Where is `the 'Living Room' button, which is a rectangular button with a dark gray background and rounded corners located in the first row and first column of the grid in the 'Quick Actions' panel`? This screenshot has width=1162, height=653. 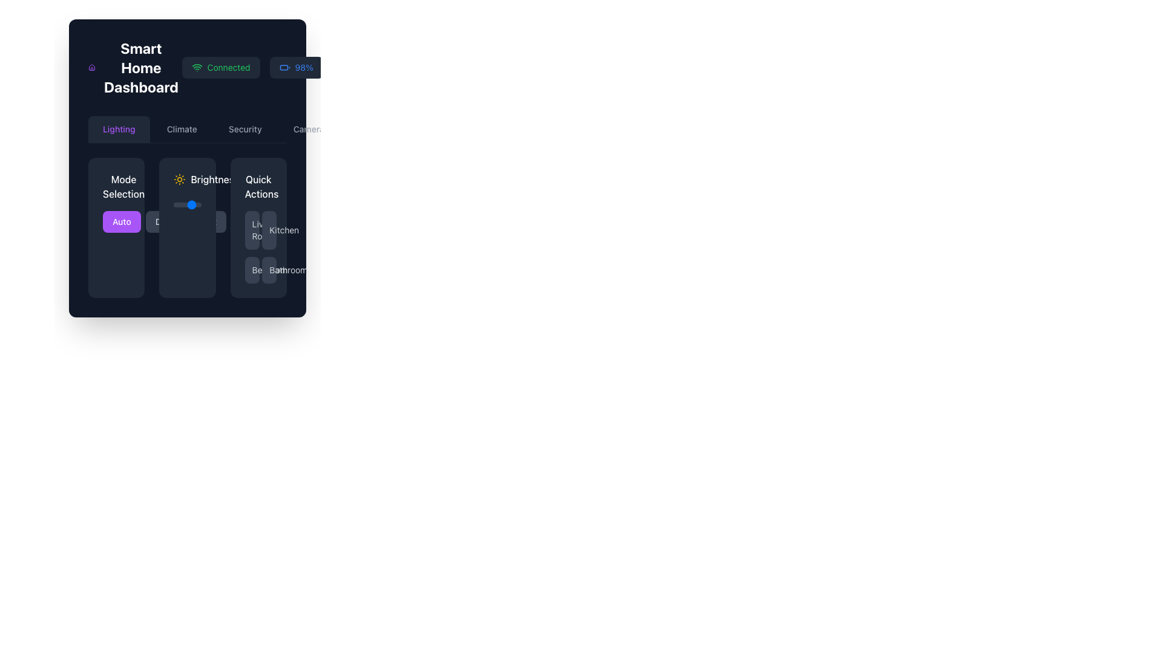
the 'Living Room' button, which is a rectangular button with a dark gray background and rounded corners located in the first row and first column of the grid in the 'Quick Actions' panel is located at coordinates (251, 230).